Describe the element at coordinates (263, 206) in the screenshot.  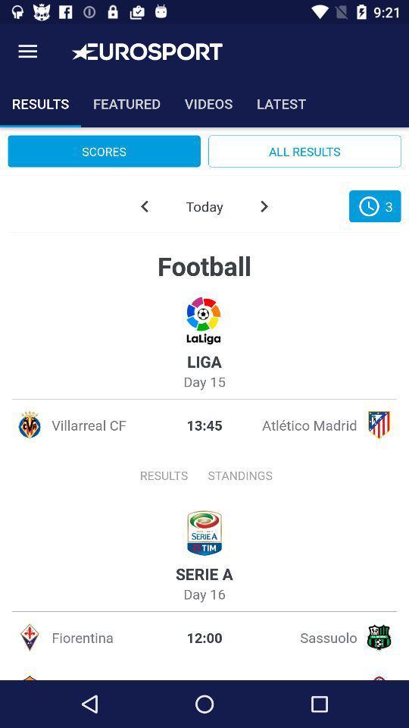
I see `next` at that location.